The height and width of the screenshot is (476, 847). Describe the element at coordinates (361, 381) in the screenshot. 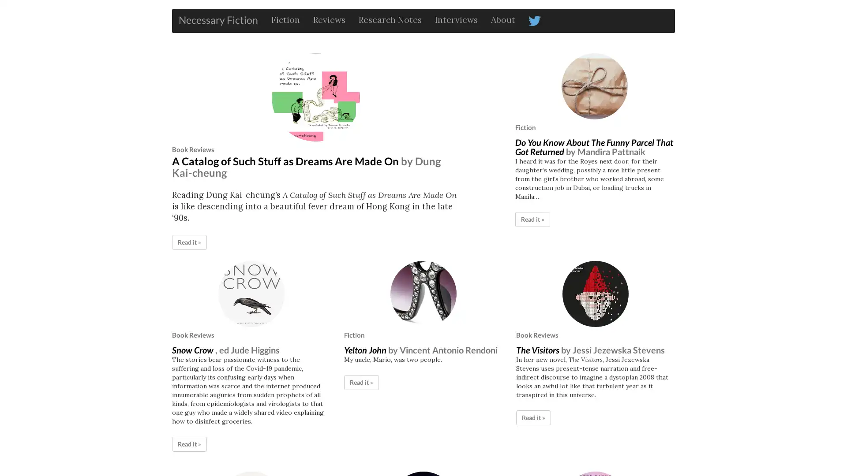

I see `Read it` at that location.